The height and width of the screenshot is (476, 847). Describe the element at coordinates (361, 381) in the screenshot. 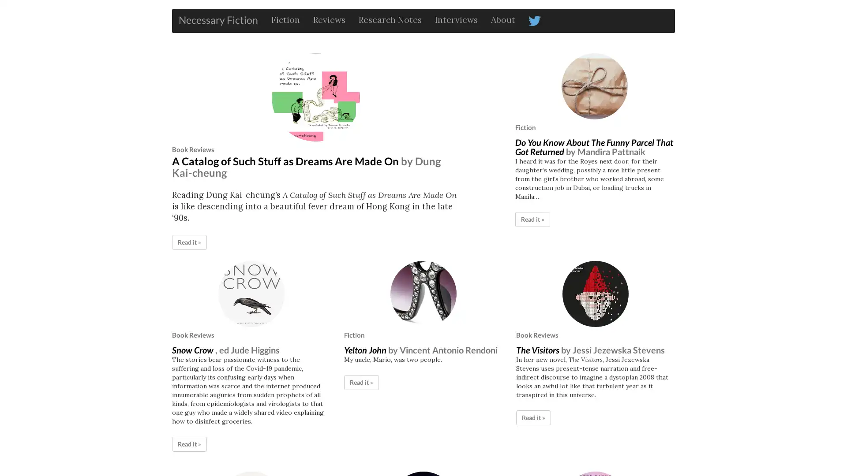

I see `Read it` at that location.